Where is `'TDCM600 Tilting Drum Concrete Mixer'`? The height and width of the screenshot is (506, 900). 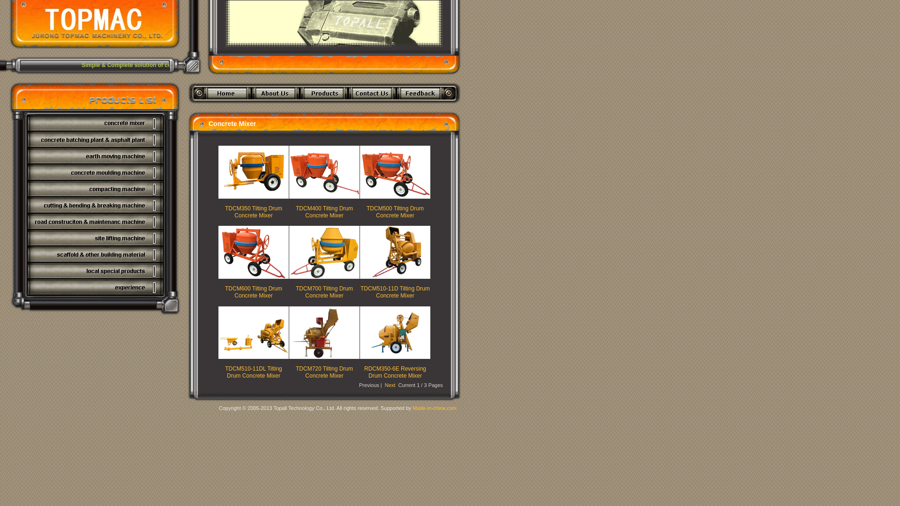
'TDCM600 Tilting Drum Concrete Mixer' is located at coordinates (254, 291).